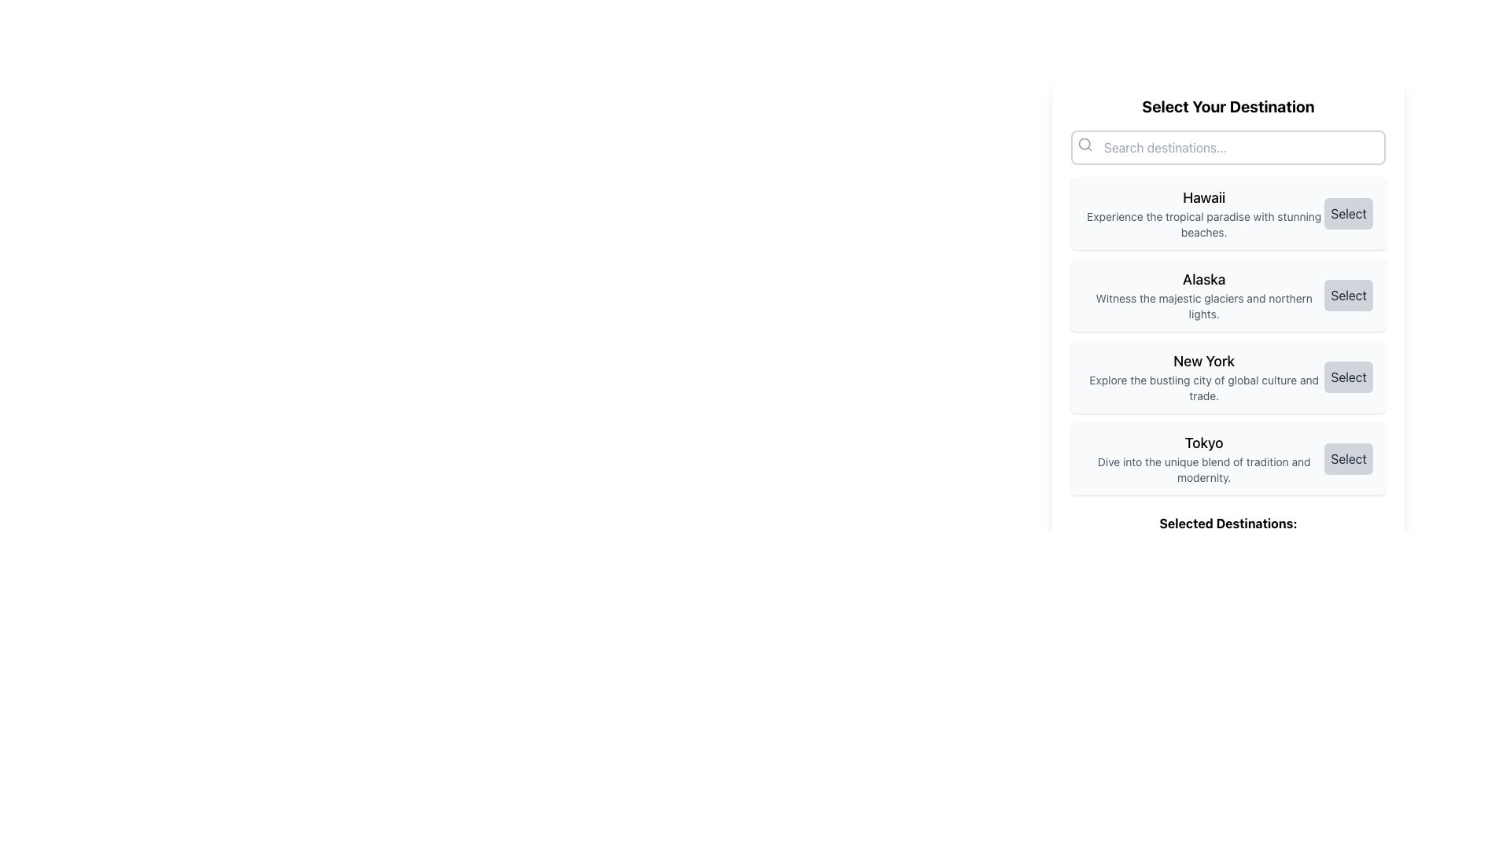  Describe the element at coordinates (1084, 144) in the screenshot. I see `the SVG Circle element representing the magnifying glass in the search bar, located at the top-left corner of the search bar` at that location.